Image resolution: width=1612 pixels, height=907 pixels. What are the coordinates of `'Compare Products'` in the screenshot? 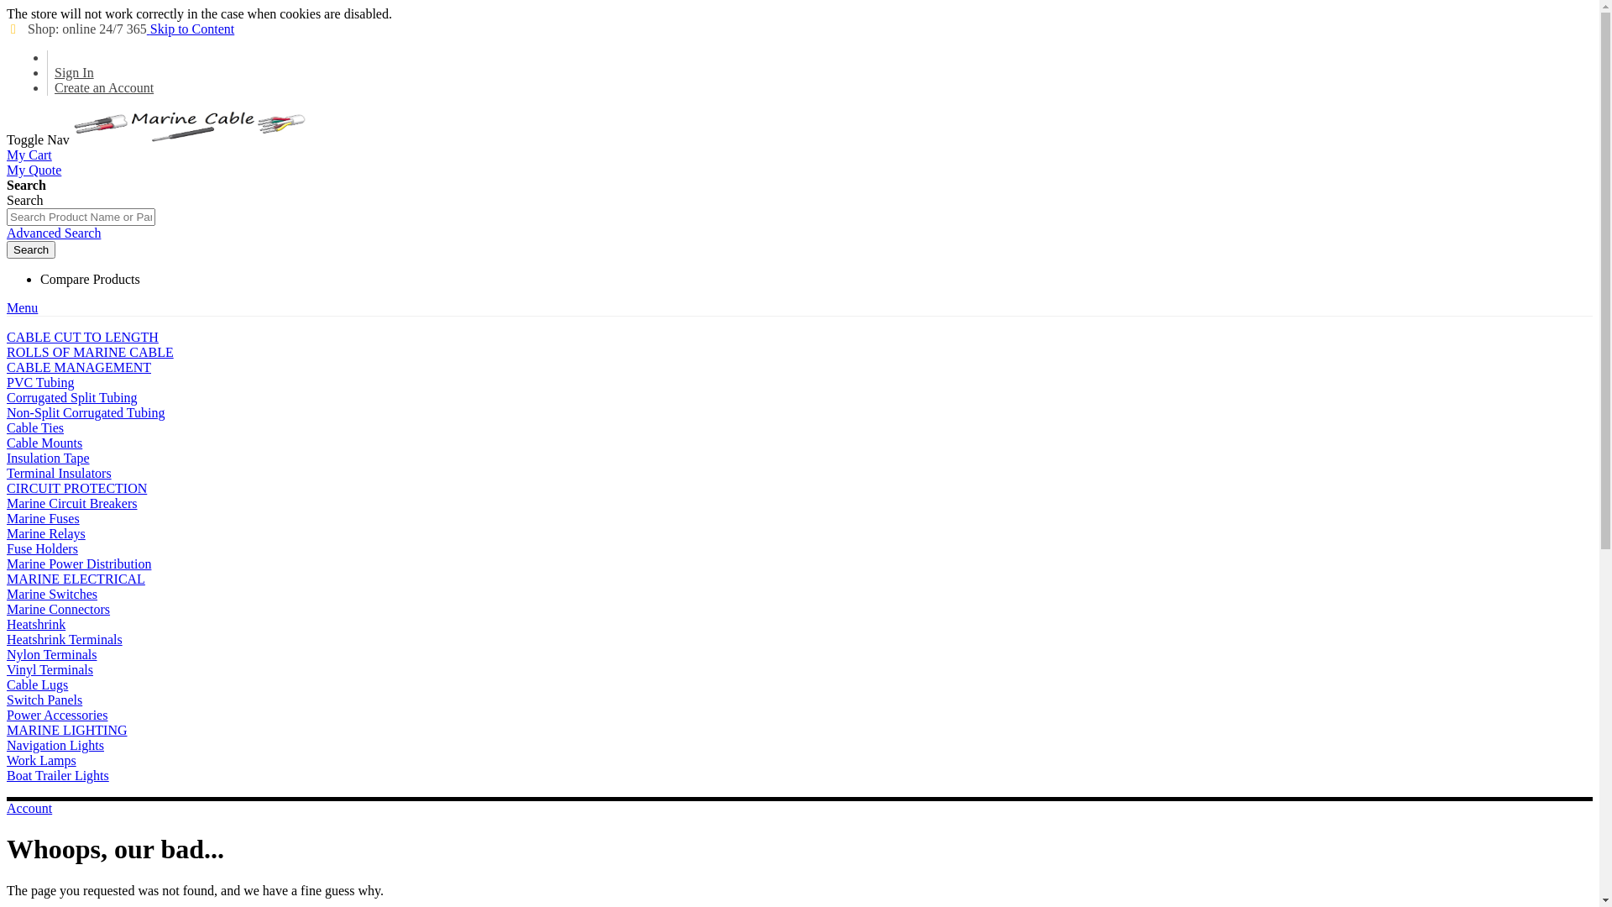 It's located at (89, 278).